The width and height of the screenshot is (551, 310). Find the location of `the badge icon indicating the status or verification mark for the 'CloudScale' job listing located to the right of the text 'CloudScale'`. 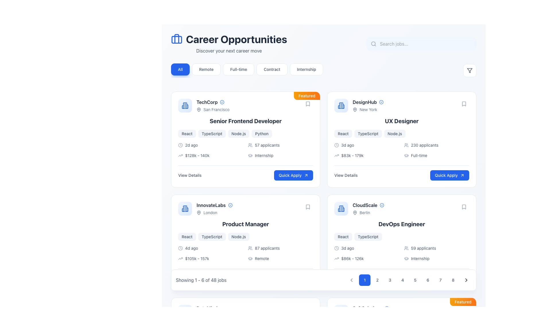

the badge icon indicating the status or verification mark for the 'CloudScale' job listing located to the right of the text 'CloudScale' is located at coordinates (382, 205).